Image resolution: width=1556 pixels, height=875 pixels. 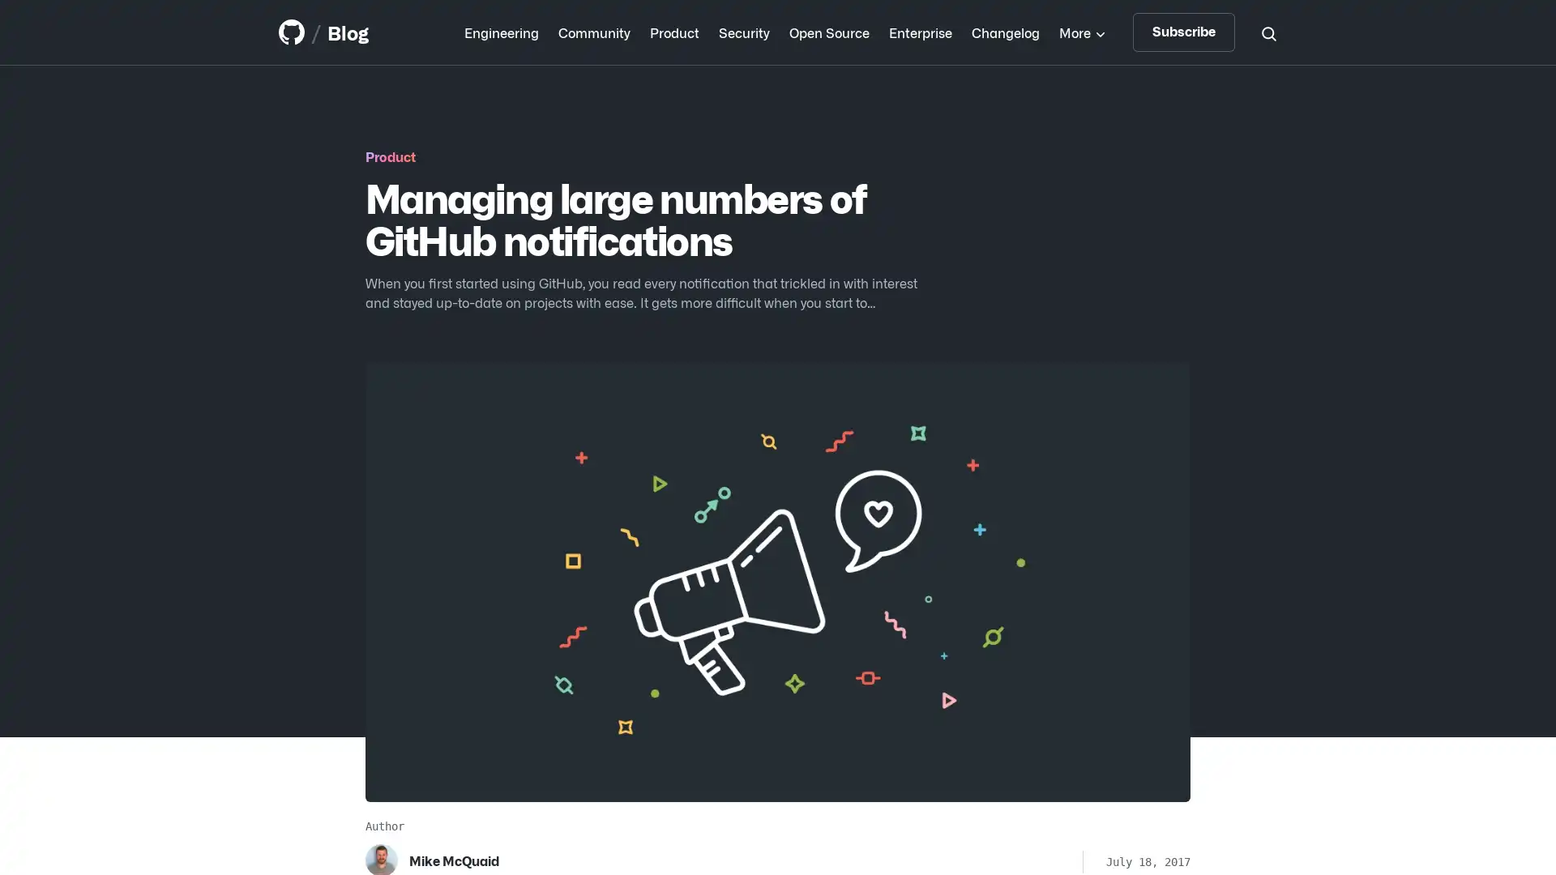 What do you see at coordinates (1083, 31) in the screenshot?
I see `More` at bounding box center [1083, 31].